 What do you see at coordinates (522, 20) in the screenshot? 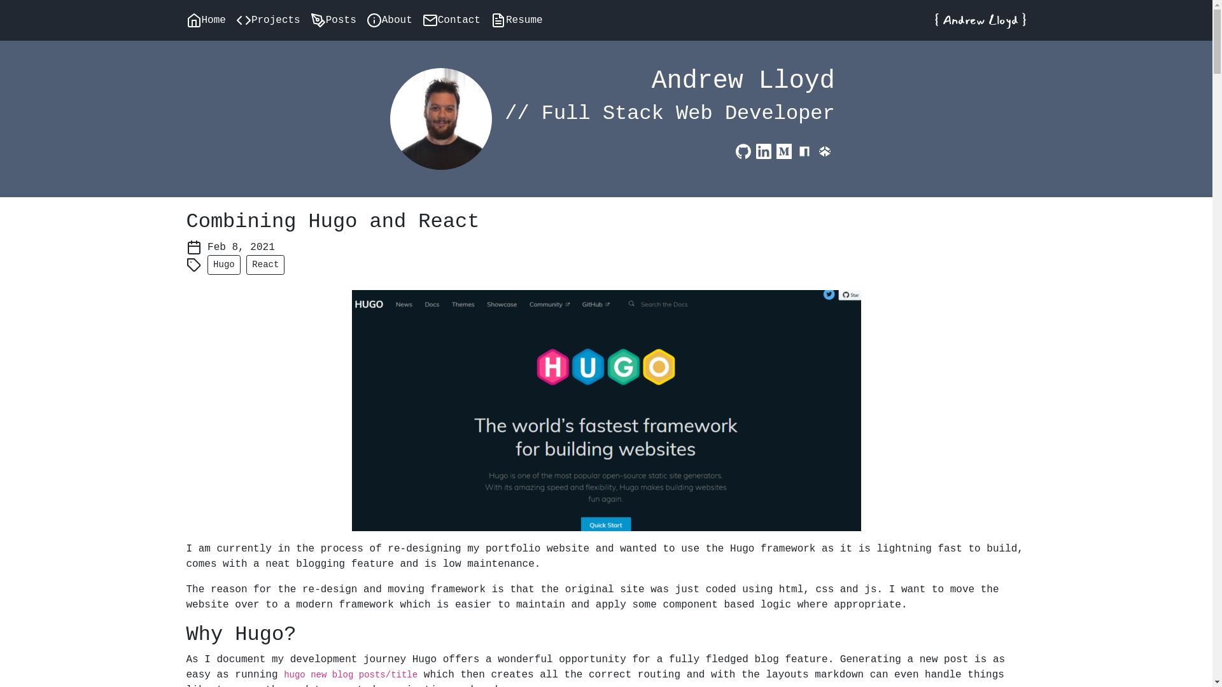
I see `'Resume'` at bounding box center [522, 20].